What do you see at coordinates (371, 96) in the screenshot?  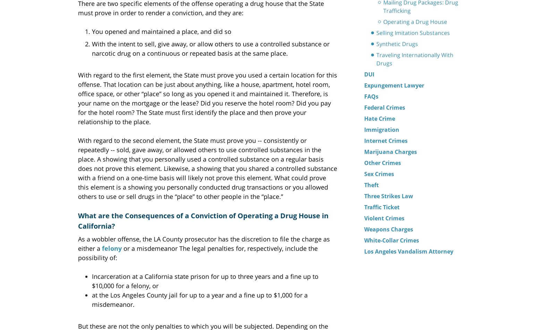 I see `'FAQs'` at bounding box center [371, 96].